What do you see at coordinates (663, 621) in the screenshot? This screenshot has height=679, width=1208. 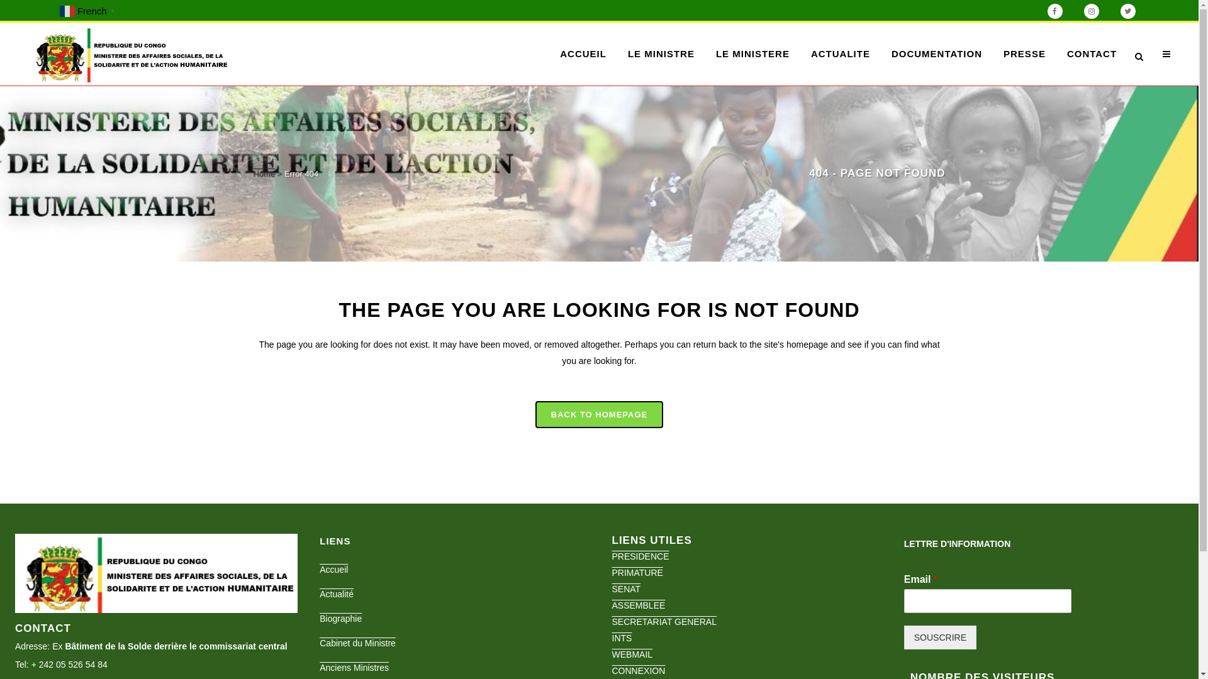 I see `'SECRETARIAT GENERAL'` at bounding box center [663, 621].